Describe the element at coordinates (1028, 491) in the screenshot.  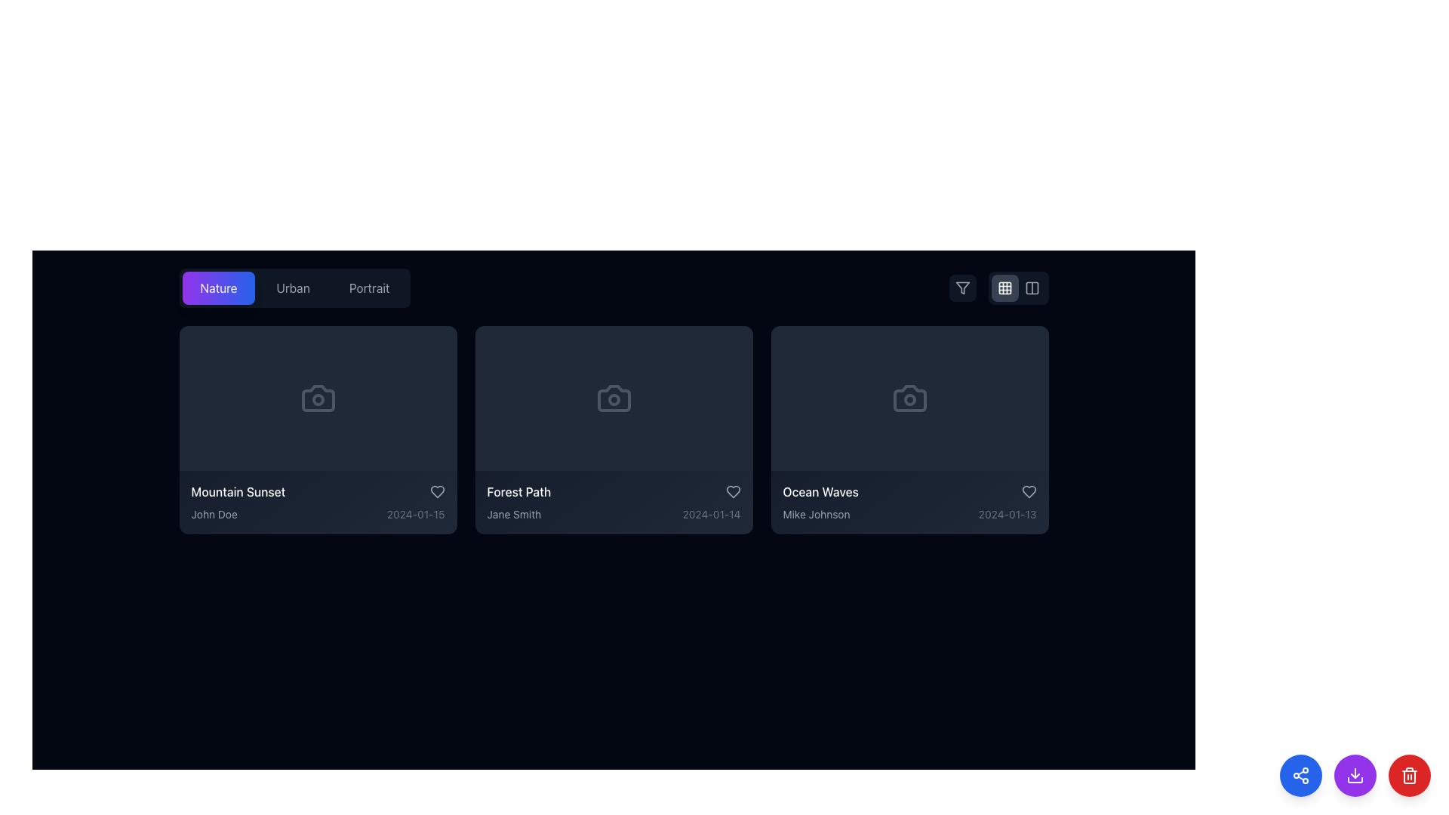
I see `the heart icon at the bottom-right corner of the 'Ocean Waves' card` at that location.